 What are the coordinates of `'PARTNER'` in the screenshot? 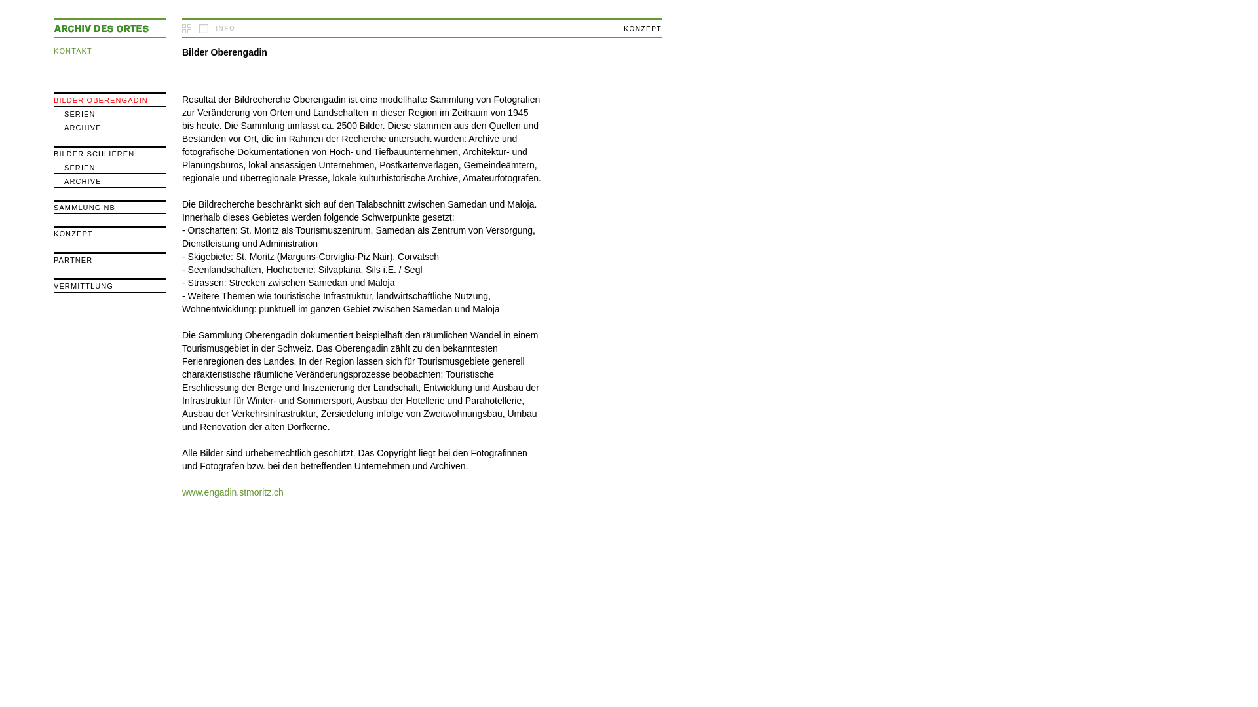 It's located at (72, 260).